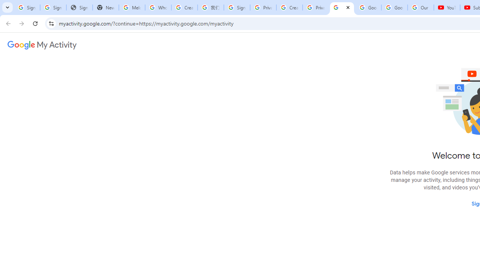 The width and height of the screenshot is (480, 270). I want to click on 'New Tab', so click(105, 7).